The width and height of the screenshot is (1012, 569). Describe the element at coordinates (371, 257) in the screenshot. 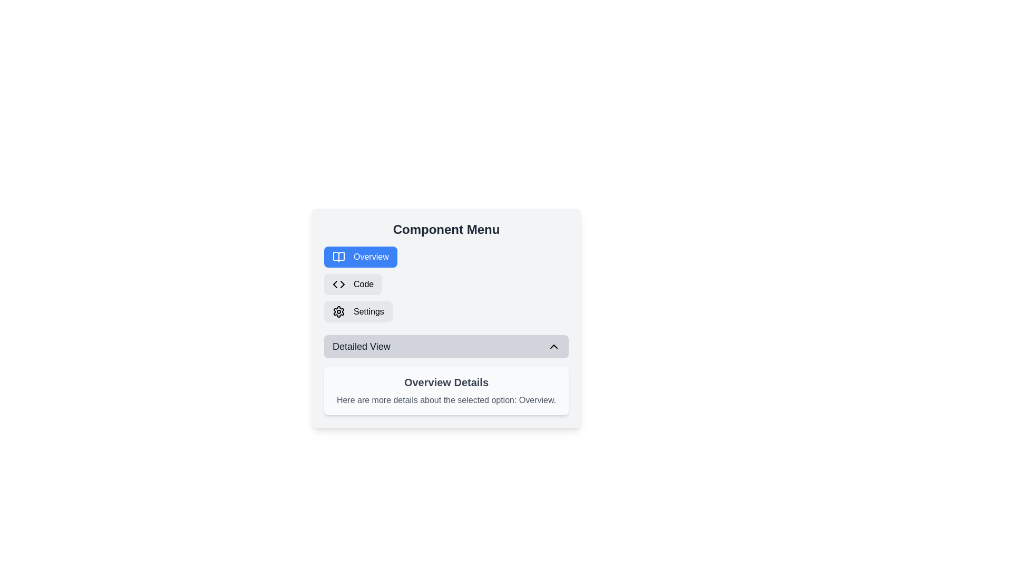

I see `the 'Overview' menu item, which is the first label in the Component Menu, displayed in white on a blue background with an adjacent open book icon` at that location.